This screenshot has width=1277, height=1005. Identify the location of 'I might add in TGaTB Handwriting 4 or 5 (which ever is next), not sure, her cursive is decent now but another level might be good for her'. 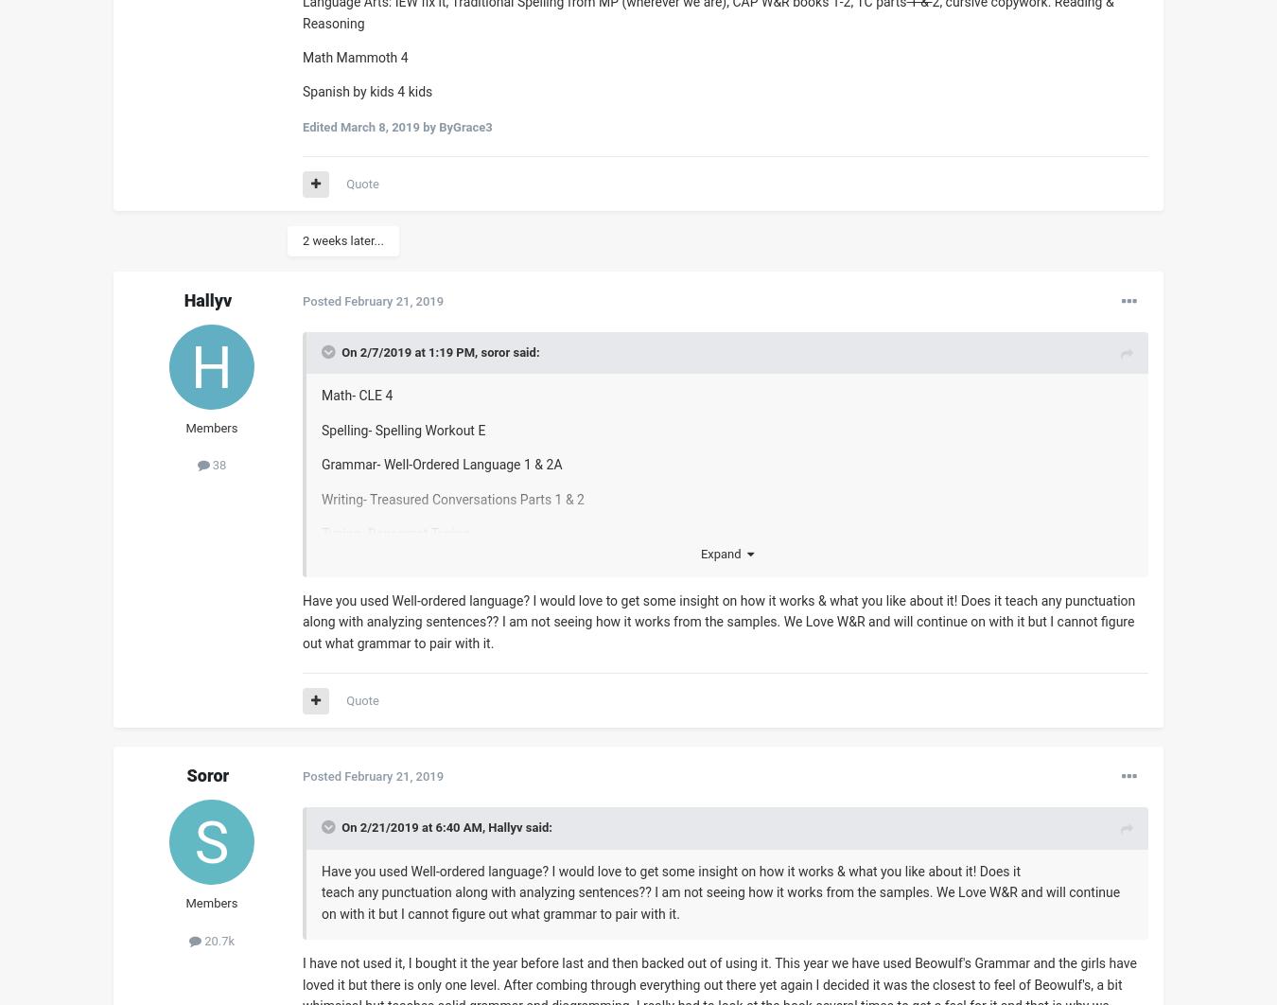
(716, 739).